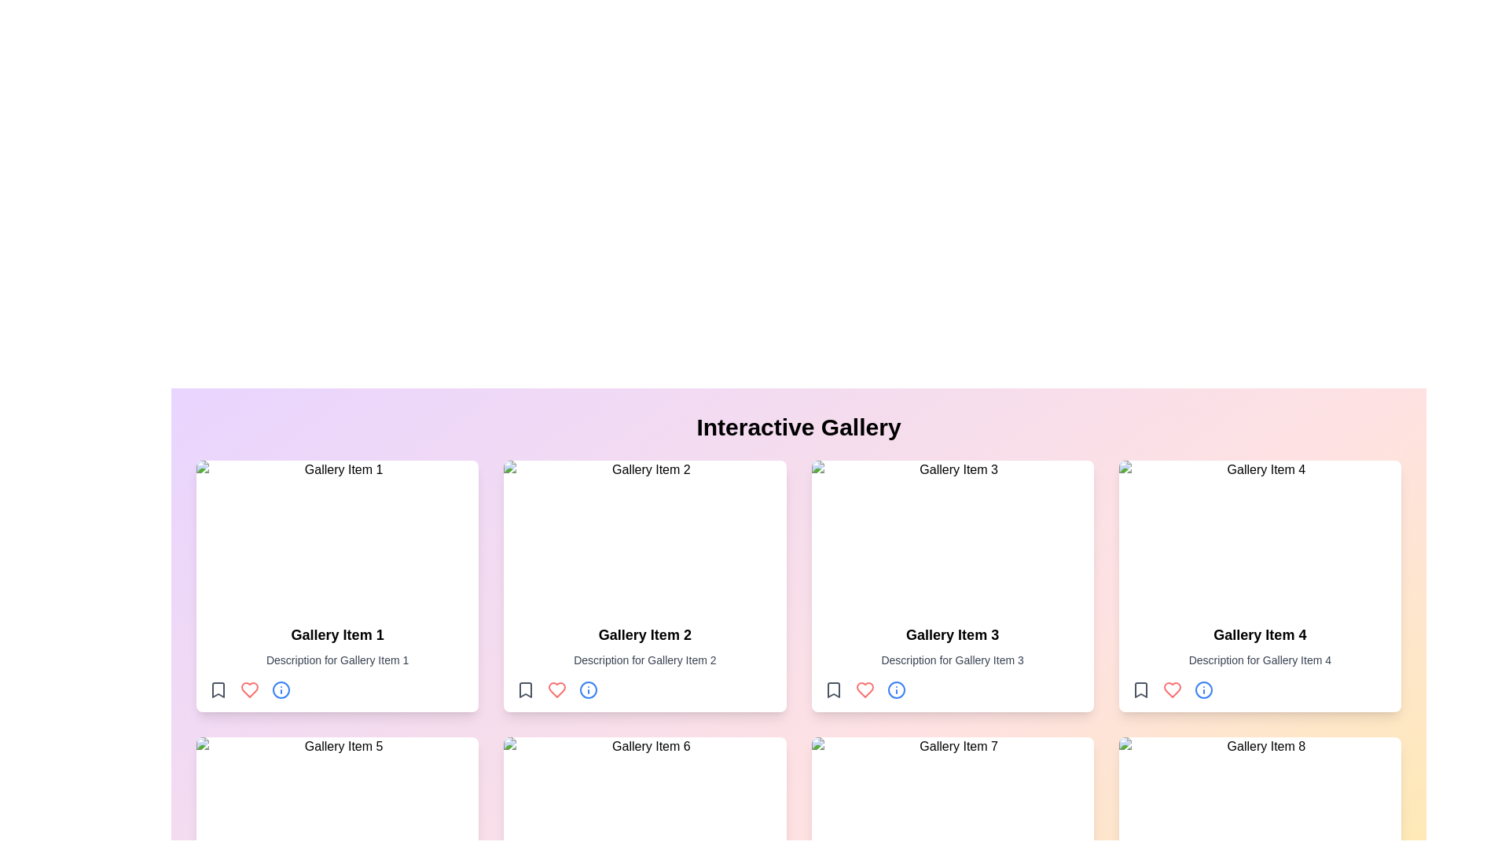 This screenshot has height=849, width=1509. I want to click on the heart-shaped icon outlined in red, which is the second icon from the left in the group of three below the card labeled 'Gallery Item 4', so click(1172, 689).